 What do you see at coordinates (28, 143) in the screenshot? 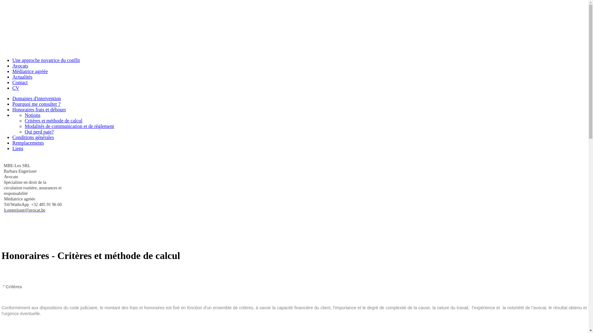
I see `'Remplacements'` at bounding box center [28, 143].